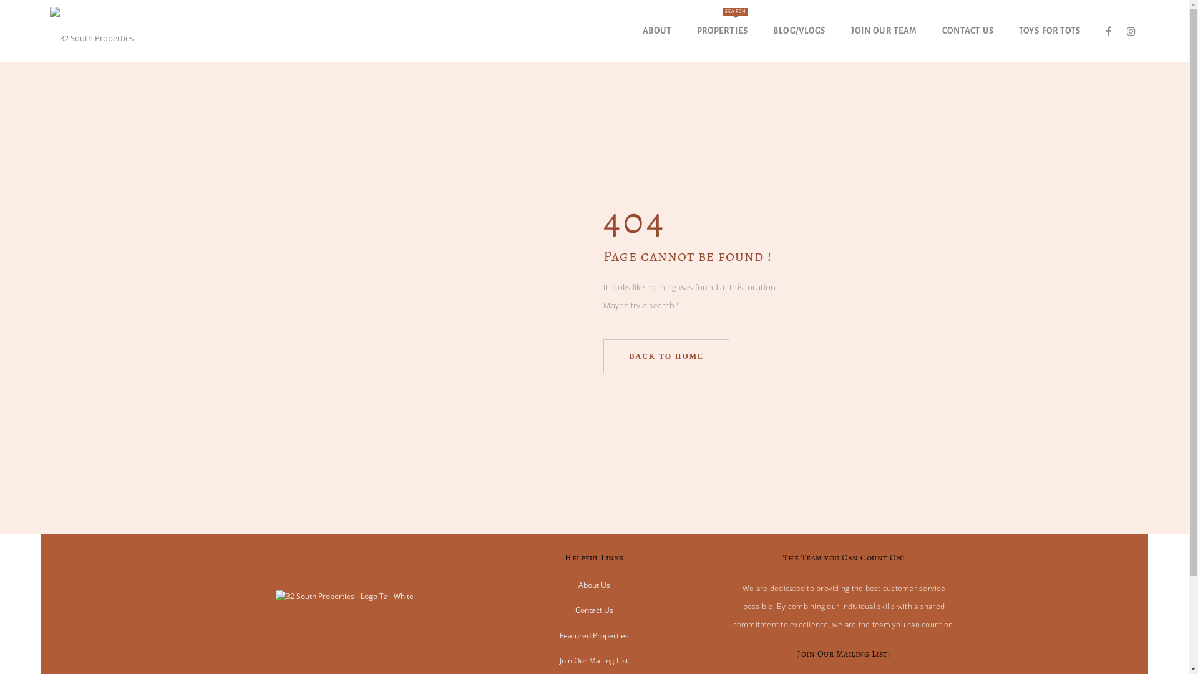 This screenshot has width=1198, height=674. What do you see at coordinates (666, 356) in the screenshot?
I see `'BACK TO HOME'` at bounding box center [666, 356].